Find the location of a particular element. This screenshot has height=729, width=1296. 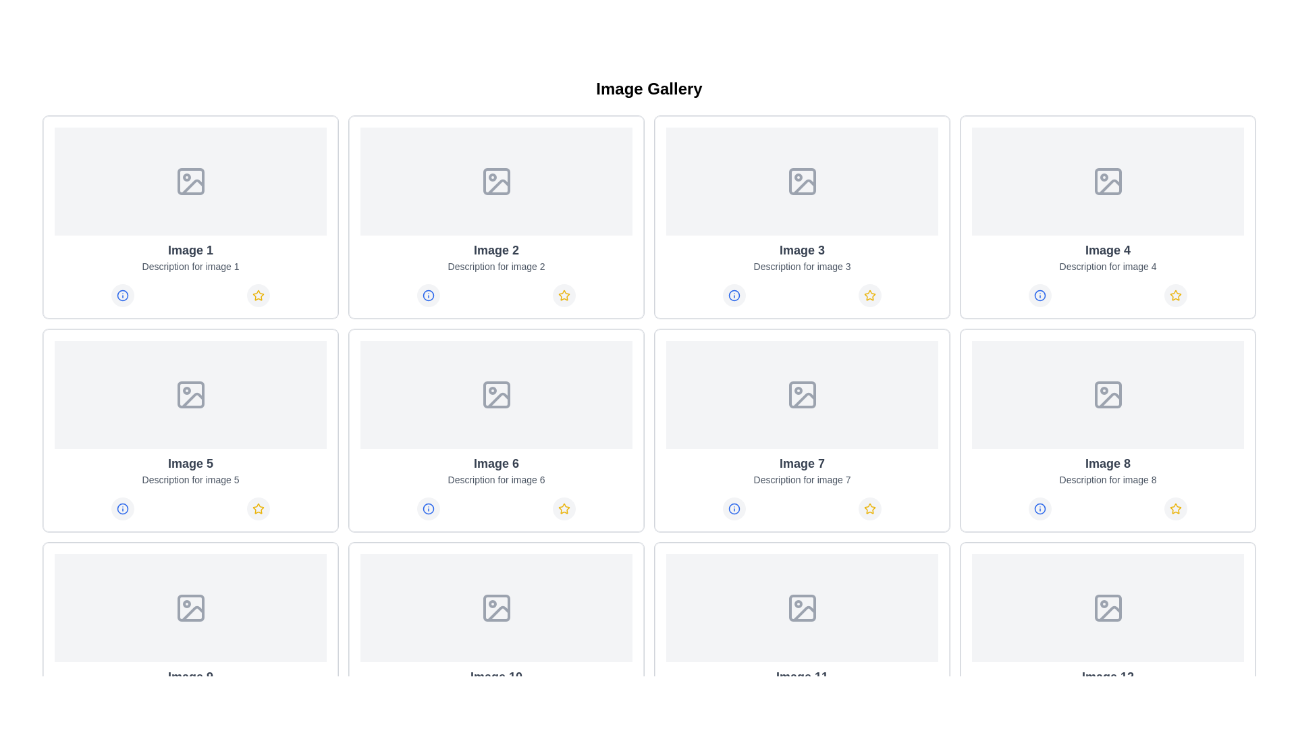

the star icon with a yellow outline located in the footer of the 'Image 2' card is located at coordinates (564, 294).